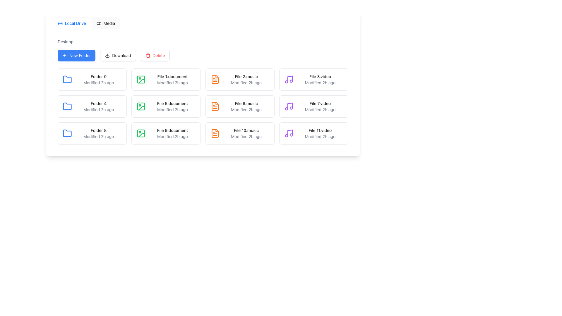  What do you see at coordinates (71, 23) in the screenshot?
I see `the 'Local Drive' navigation tab, which is the first tab on the navigation bar at the top of the page` at bounding box center [71, 23].